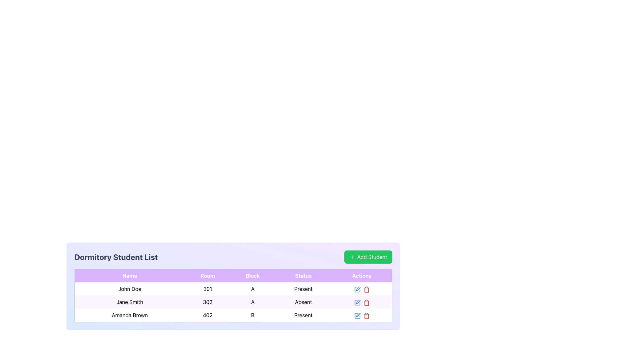  Describe the element at coordinates (233, 289) in the screenshot. I see `the text within the first row of the 'Dormitory Student List' table that contains 'John Doe', '301', 'A', and 'Present' for copying` at that location.